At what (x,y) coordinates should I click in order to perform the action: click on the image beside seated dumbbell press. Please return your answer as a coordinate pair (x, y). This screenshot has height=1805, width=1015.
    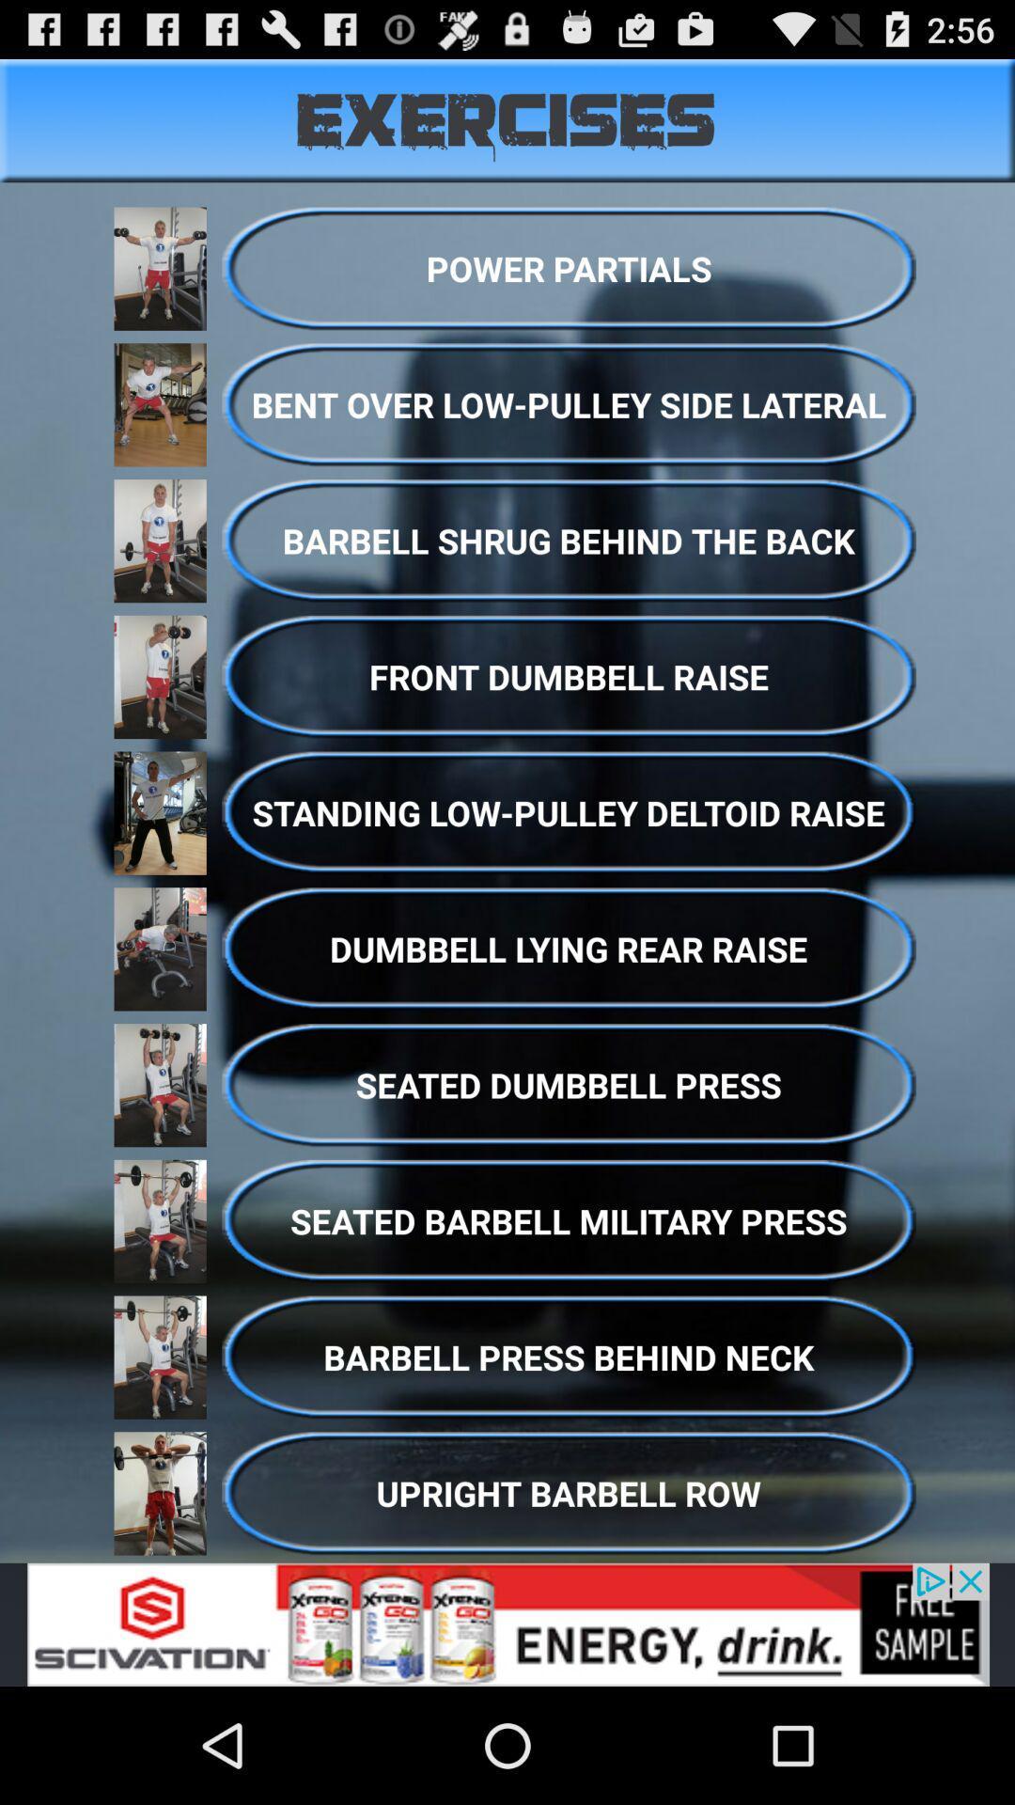
    Looking at the image, I should click on (159, 1085).